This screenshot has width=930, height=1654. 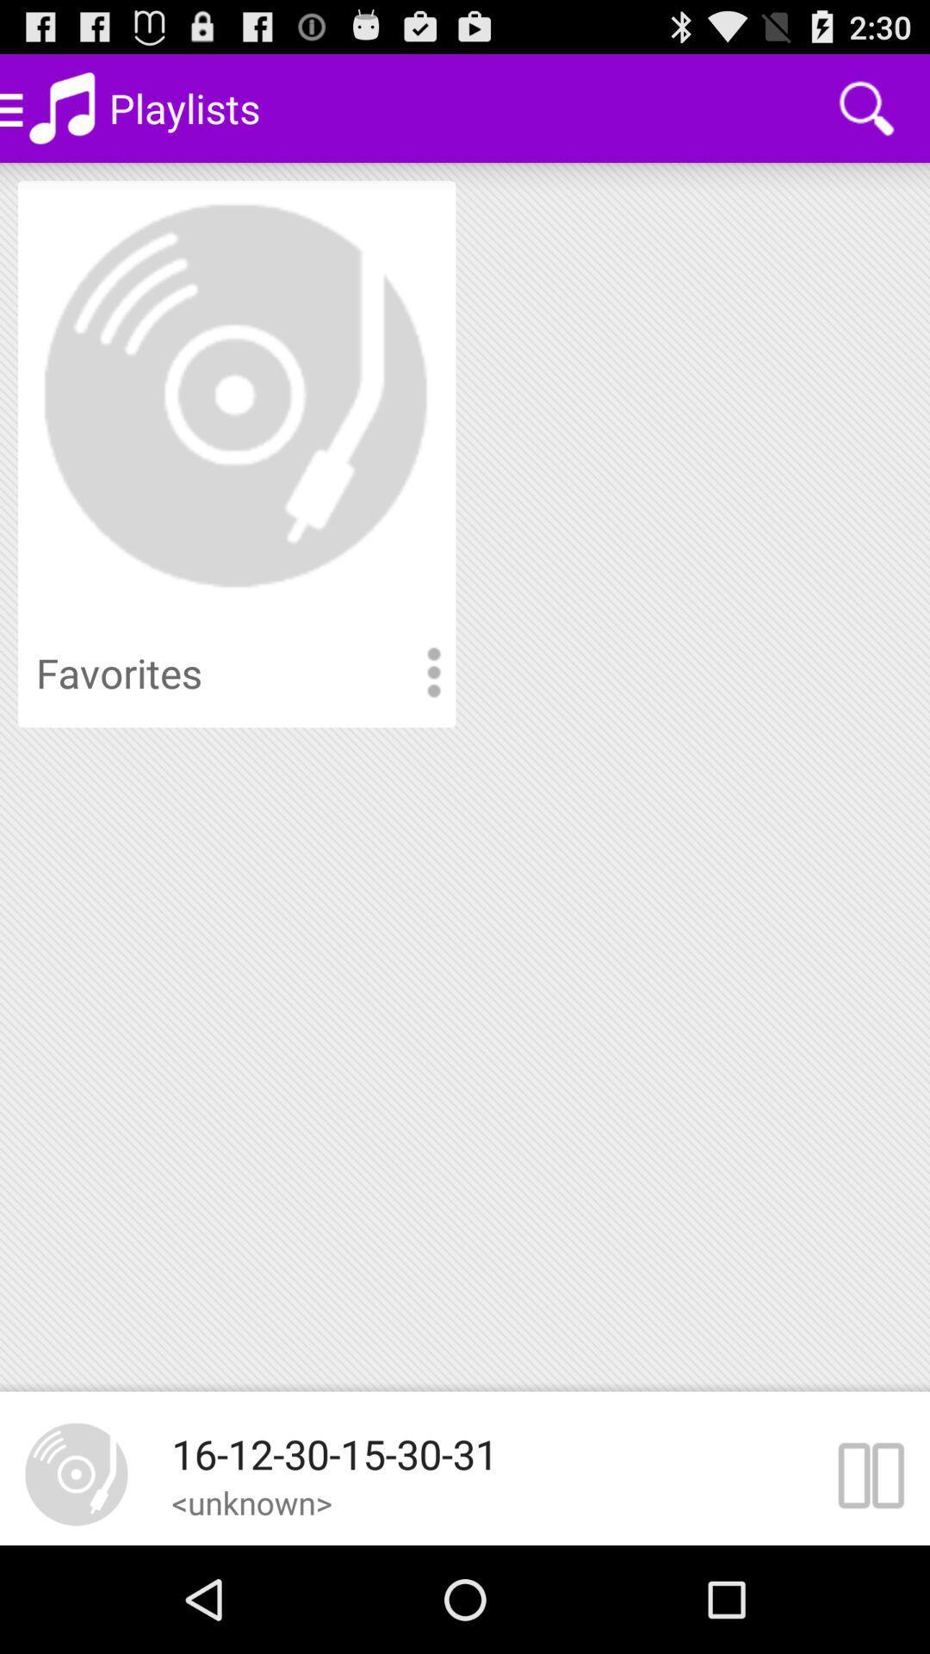 What do you see at coordinates (871, 1579) in the screenshot?
I see `the pause icon` at bounding box center [871, 1579].